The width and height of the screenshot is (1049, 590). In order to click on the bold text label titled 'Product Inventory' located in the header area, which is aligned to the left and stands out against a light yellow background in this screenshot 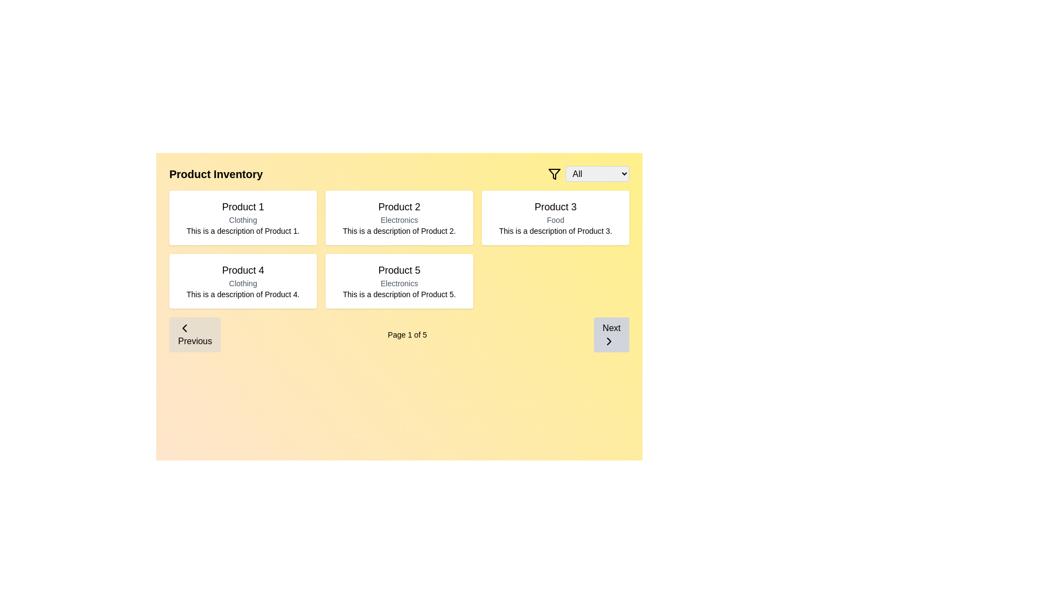, I will do `click(216, 173)`.